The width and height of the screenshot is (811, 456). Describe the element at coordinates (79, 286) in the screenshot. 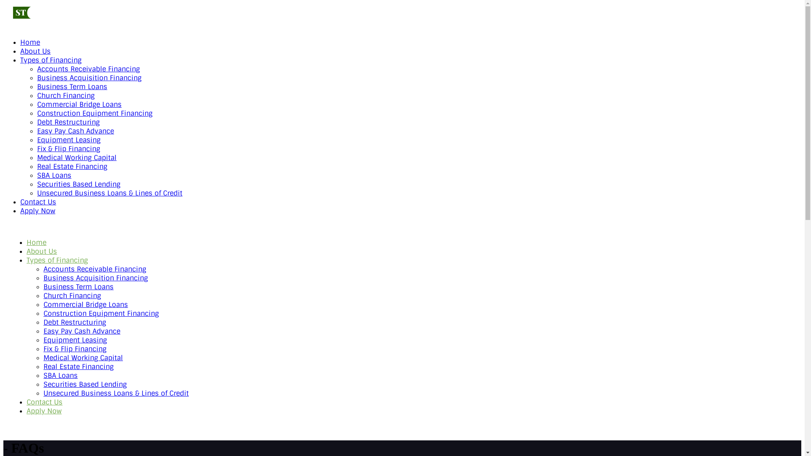

I see `'Business Term Loans'` at that location.